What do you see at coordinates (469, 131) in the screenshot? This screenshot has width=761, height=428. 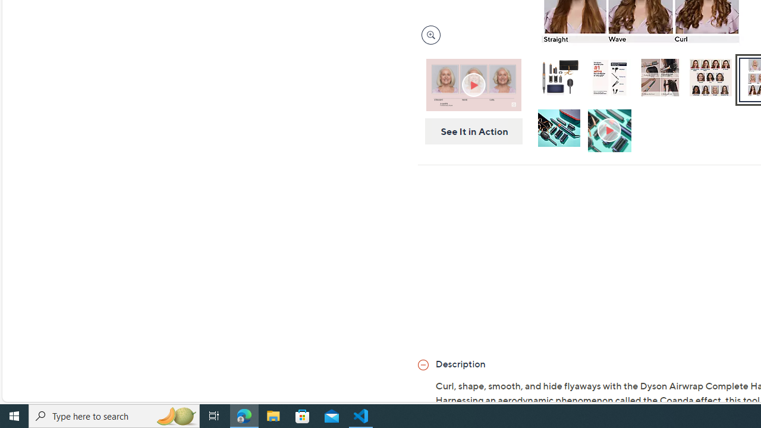 I see `'See It in Action'` at bounding box center [469, 131].